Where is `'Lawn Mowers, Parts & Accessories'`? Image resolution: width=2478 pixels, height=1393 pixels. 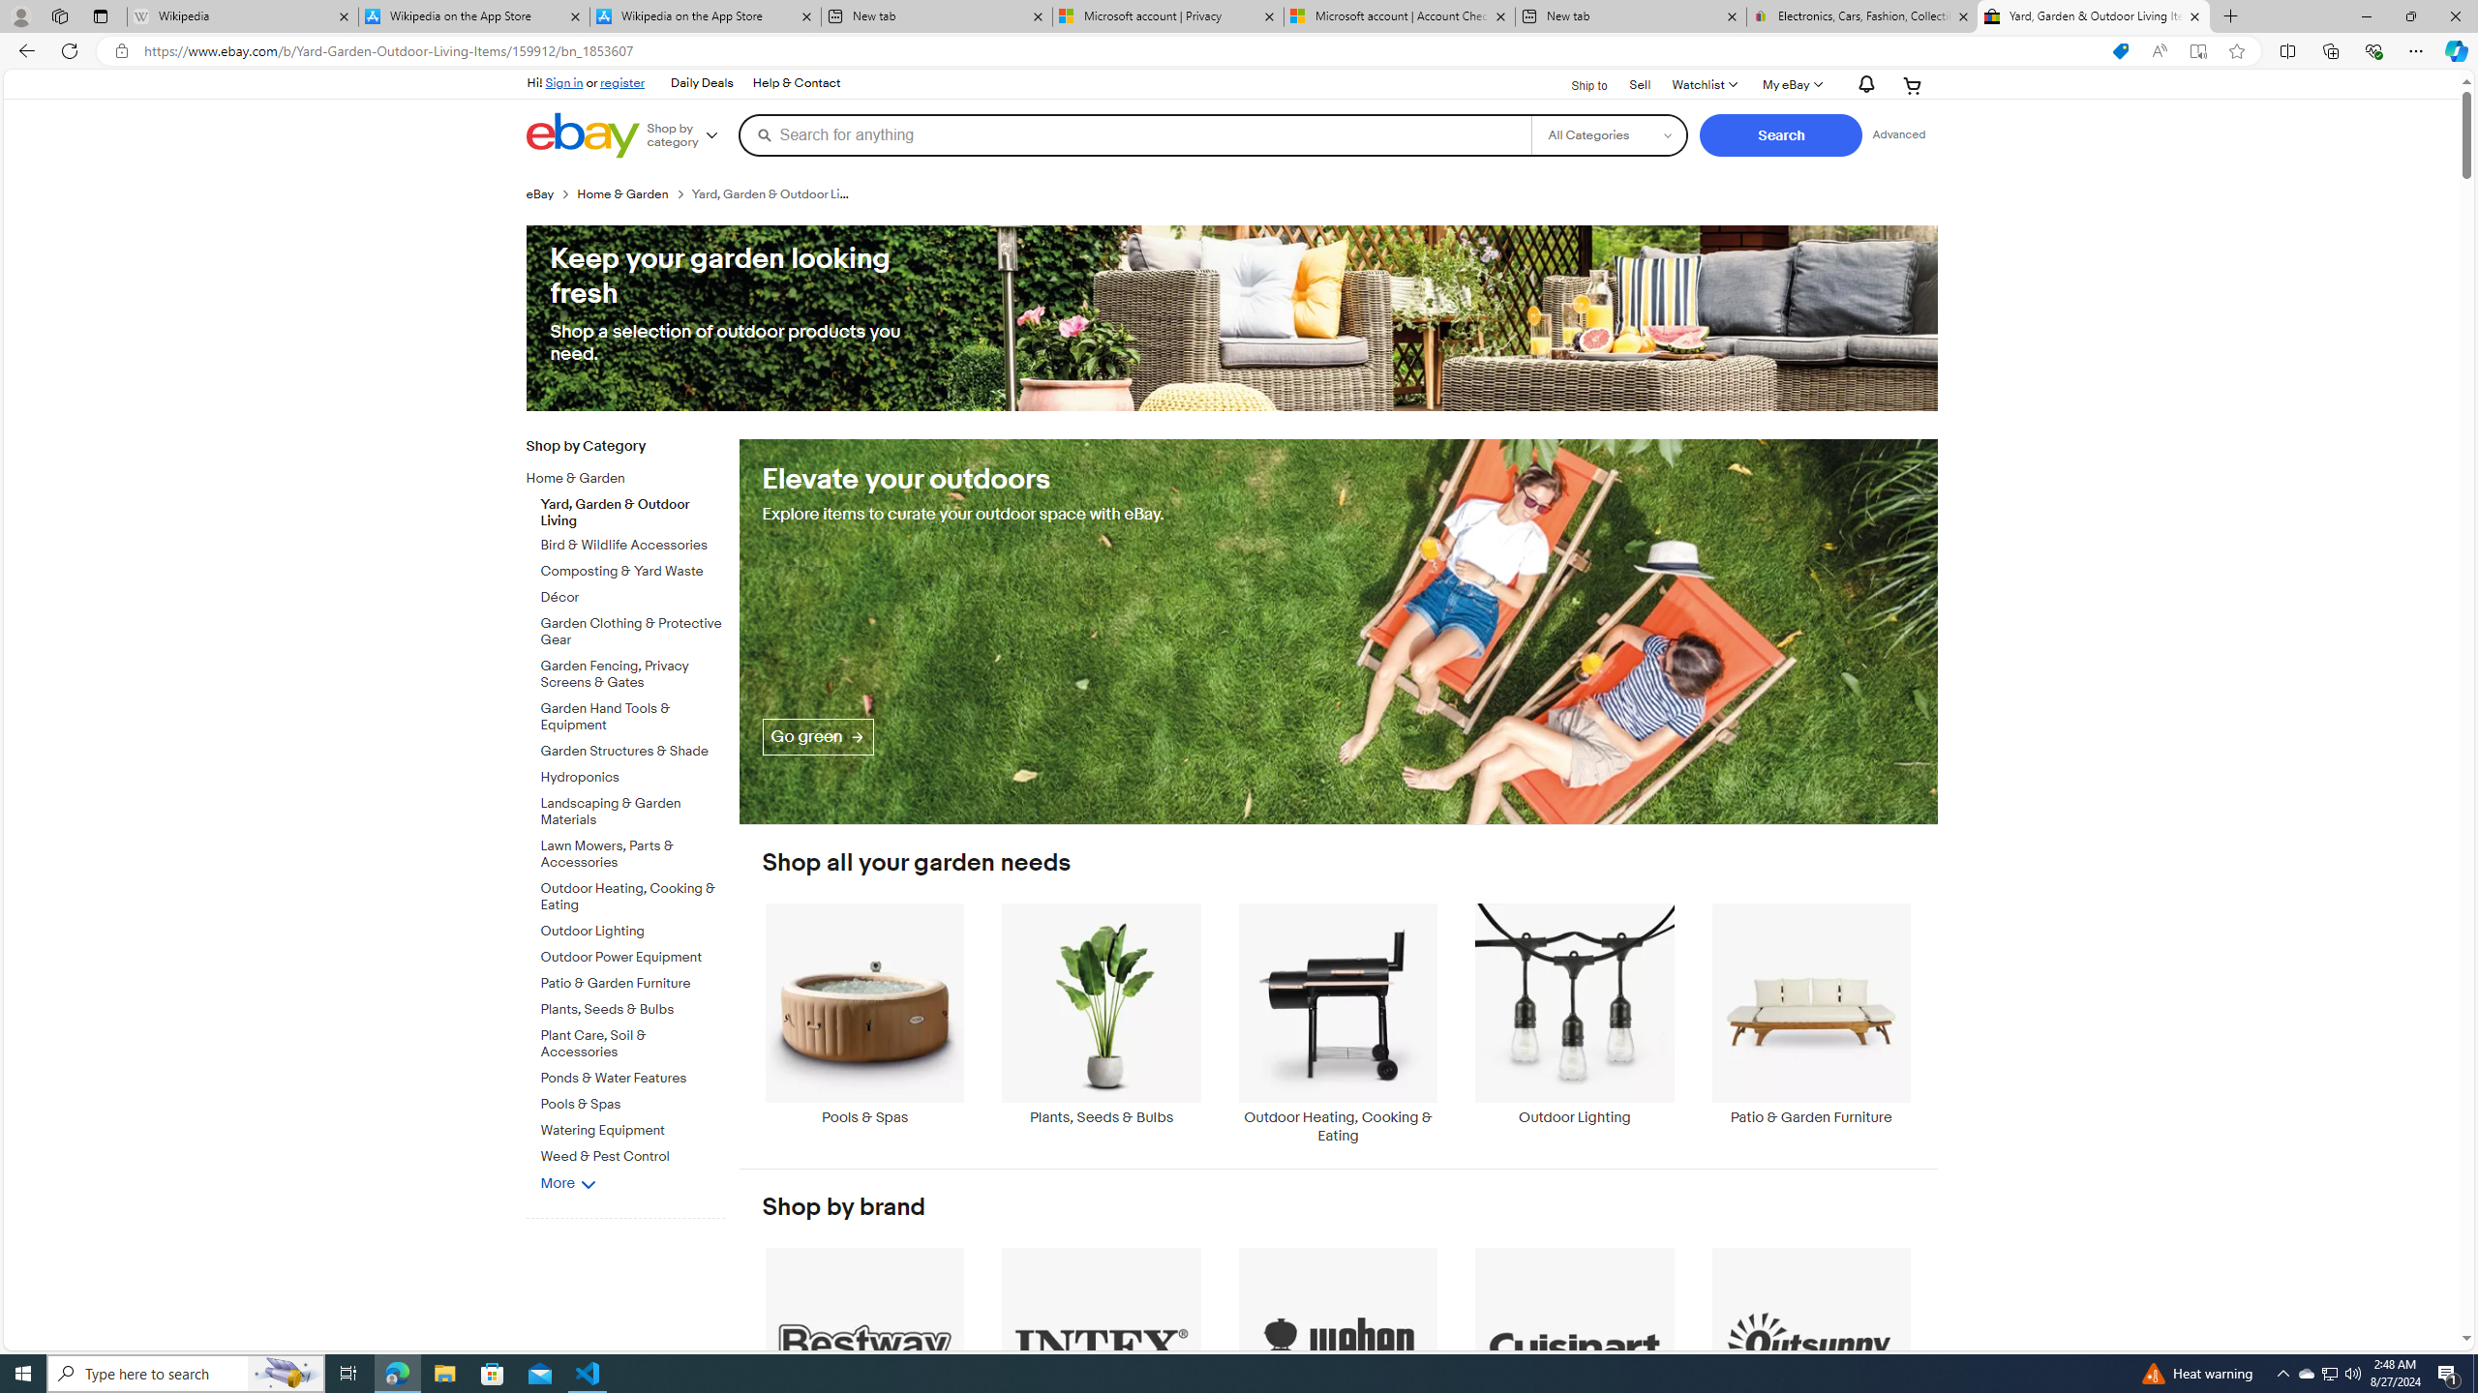
'Lawn Mowers, Parts & Accessories' is located at coordinates (632, 853).